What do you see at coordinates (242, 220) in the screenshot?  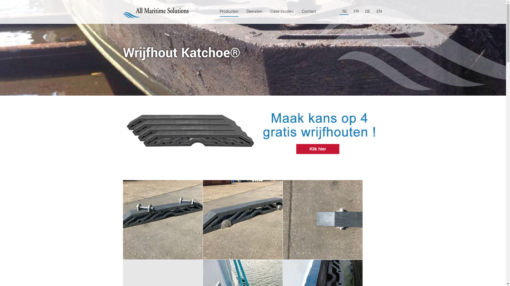 I see `'Click to enlarge image IMG_8193.jpg'` at bounding box center [242, 220].